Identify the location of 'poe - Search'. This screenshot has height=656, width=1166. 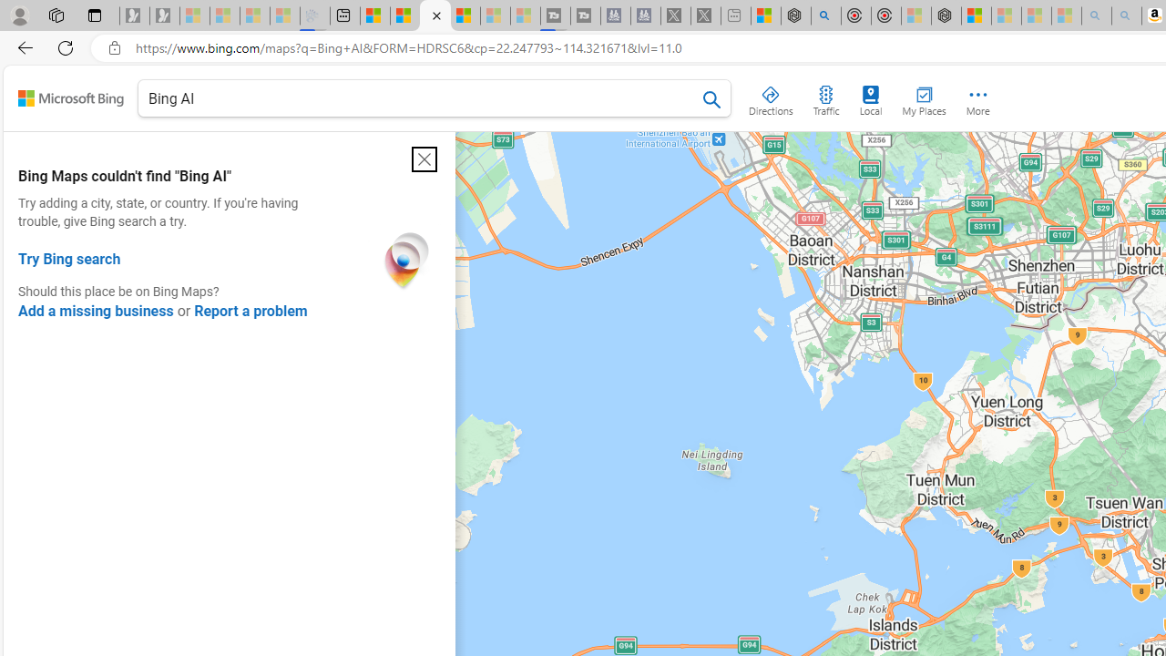
(824, 15).